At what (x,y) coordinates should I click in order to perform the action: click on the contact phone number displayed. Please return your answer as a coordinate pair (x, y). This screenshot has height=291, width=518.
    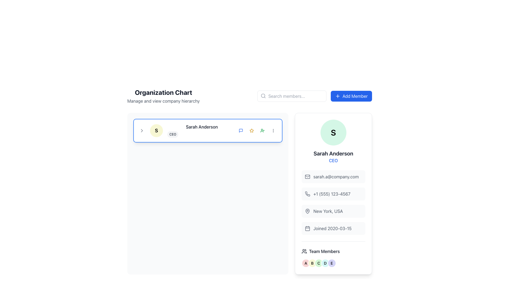
    Looking at the image, I should click on (333, 194).